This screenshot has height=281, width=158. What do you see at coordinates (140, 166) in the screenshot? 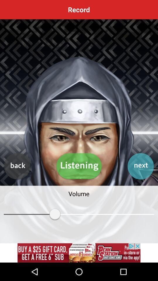
I see `next` at bounding box center [140, 166].